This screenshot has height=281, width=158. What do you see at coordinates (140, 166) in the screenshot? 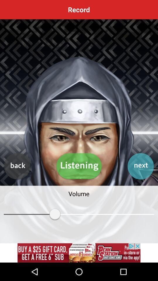
I see `next` at bounding box center [140, 166].